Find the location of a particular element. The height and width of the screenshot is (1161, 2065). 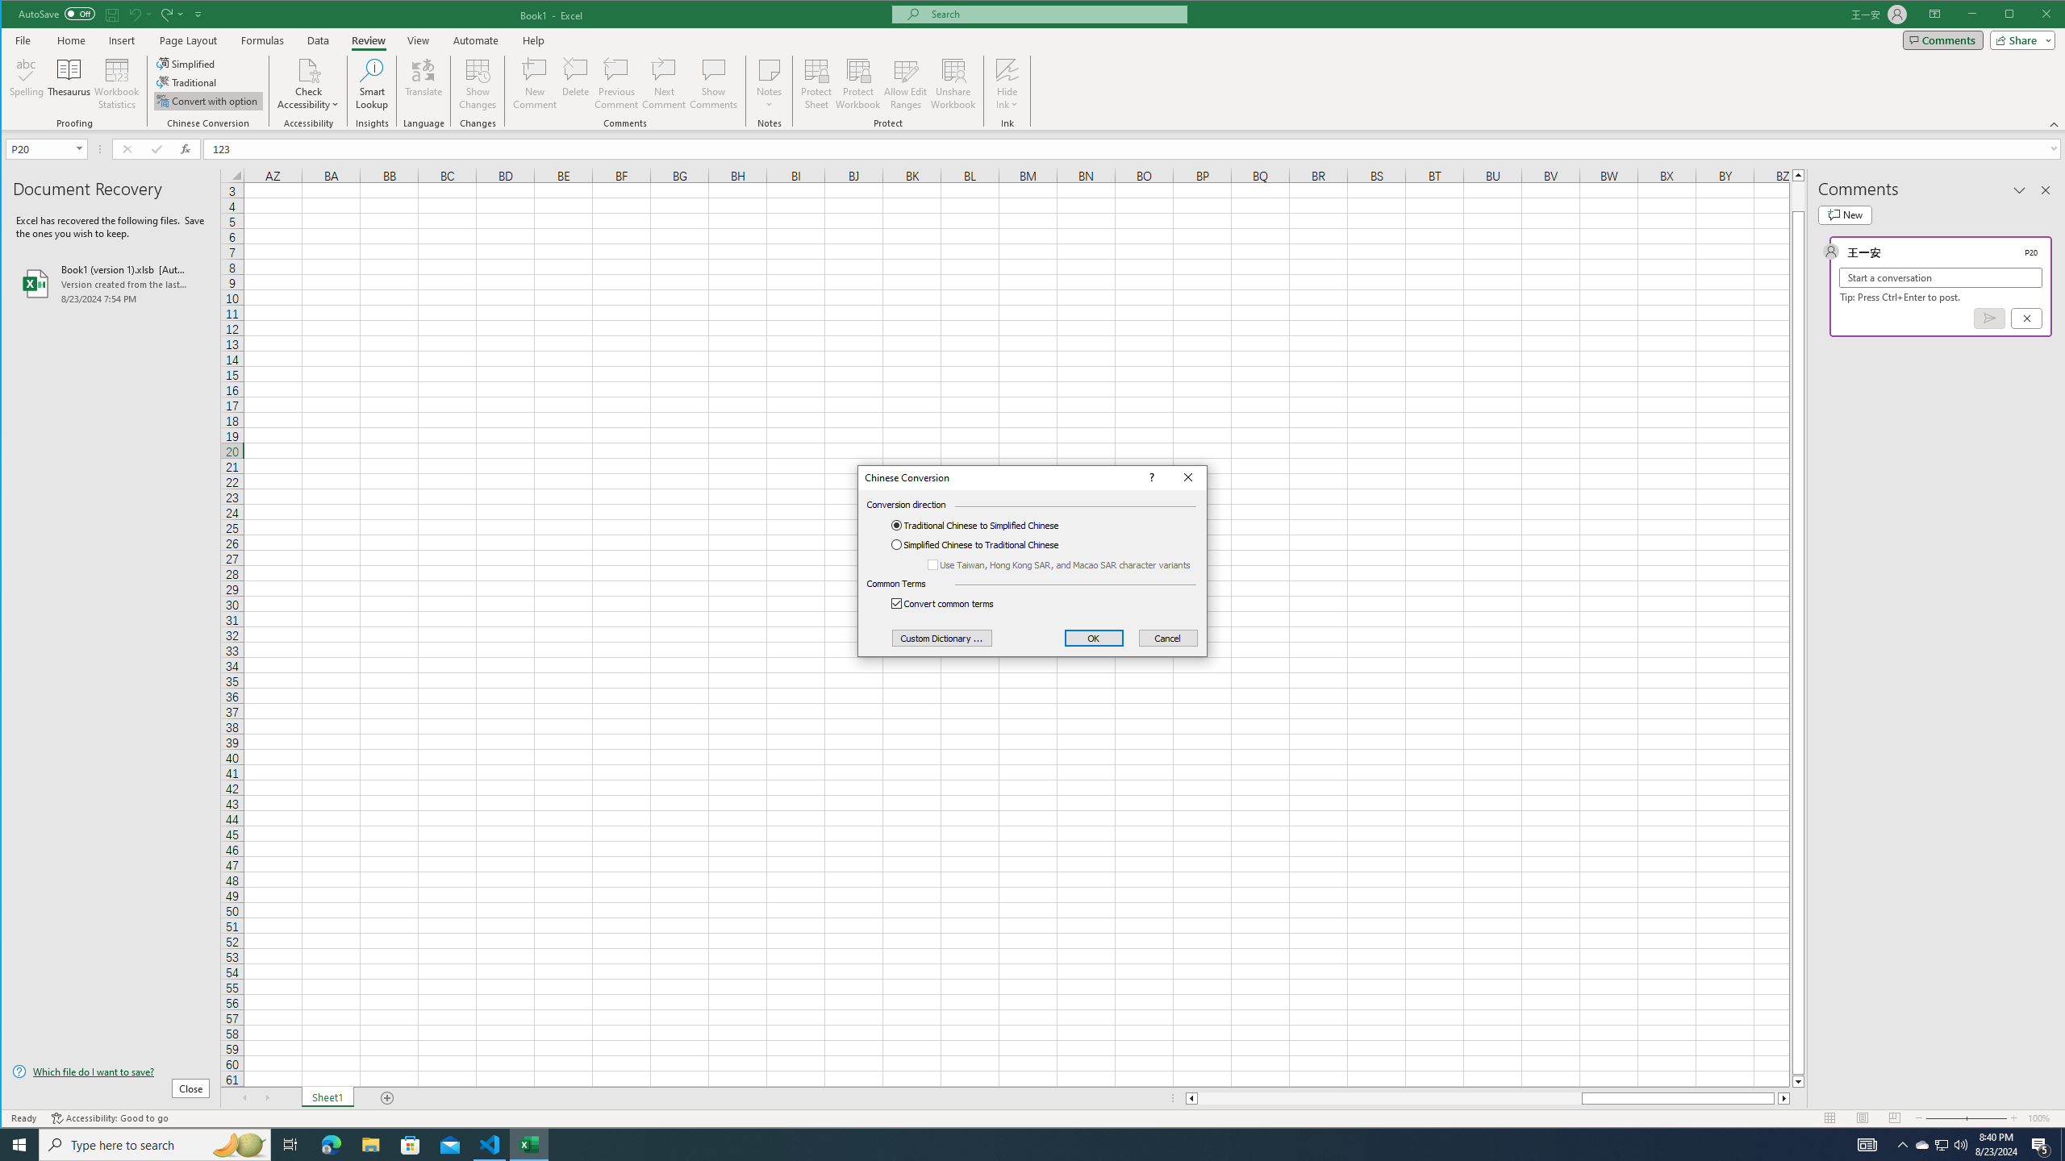

'Simplified Chinese to Traditional Chinese' is located at coordinates (987, 544).